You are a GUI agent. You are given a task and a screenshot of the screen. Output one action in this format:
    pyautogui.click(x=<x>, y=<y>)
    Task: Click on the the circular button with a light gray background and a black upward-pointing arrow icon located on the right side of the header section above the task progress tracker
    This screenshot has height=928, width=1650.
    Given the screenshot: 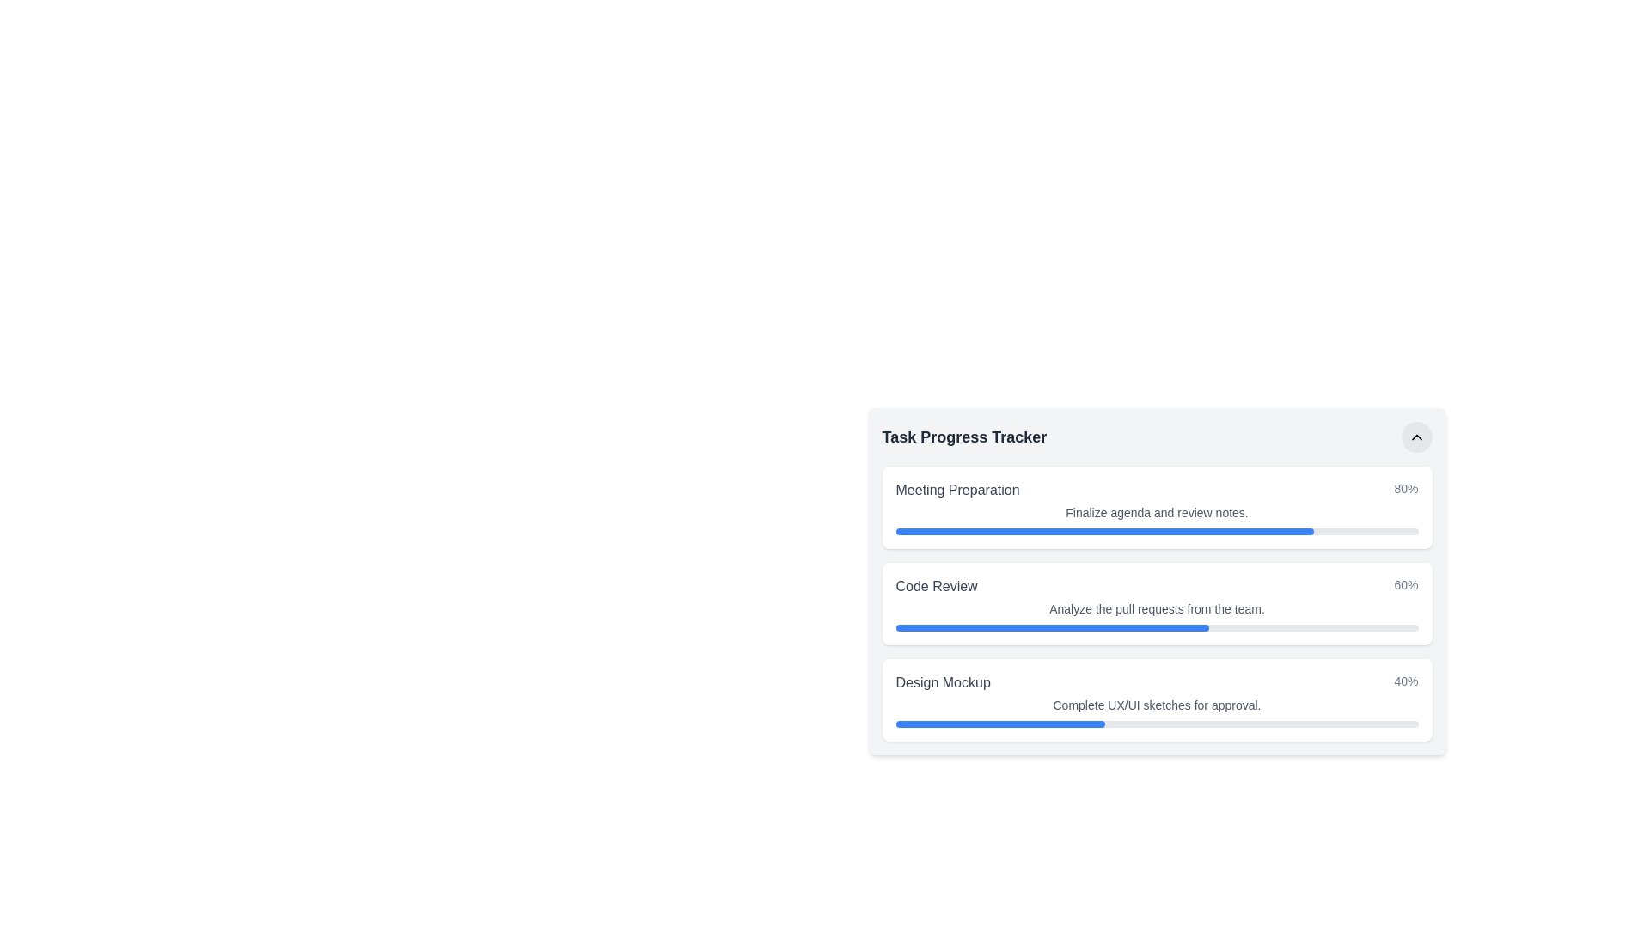 What is the action you would take?
    pyautogui.click(x=1416, y=437)
    